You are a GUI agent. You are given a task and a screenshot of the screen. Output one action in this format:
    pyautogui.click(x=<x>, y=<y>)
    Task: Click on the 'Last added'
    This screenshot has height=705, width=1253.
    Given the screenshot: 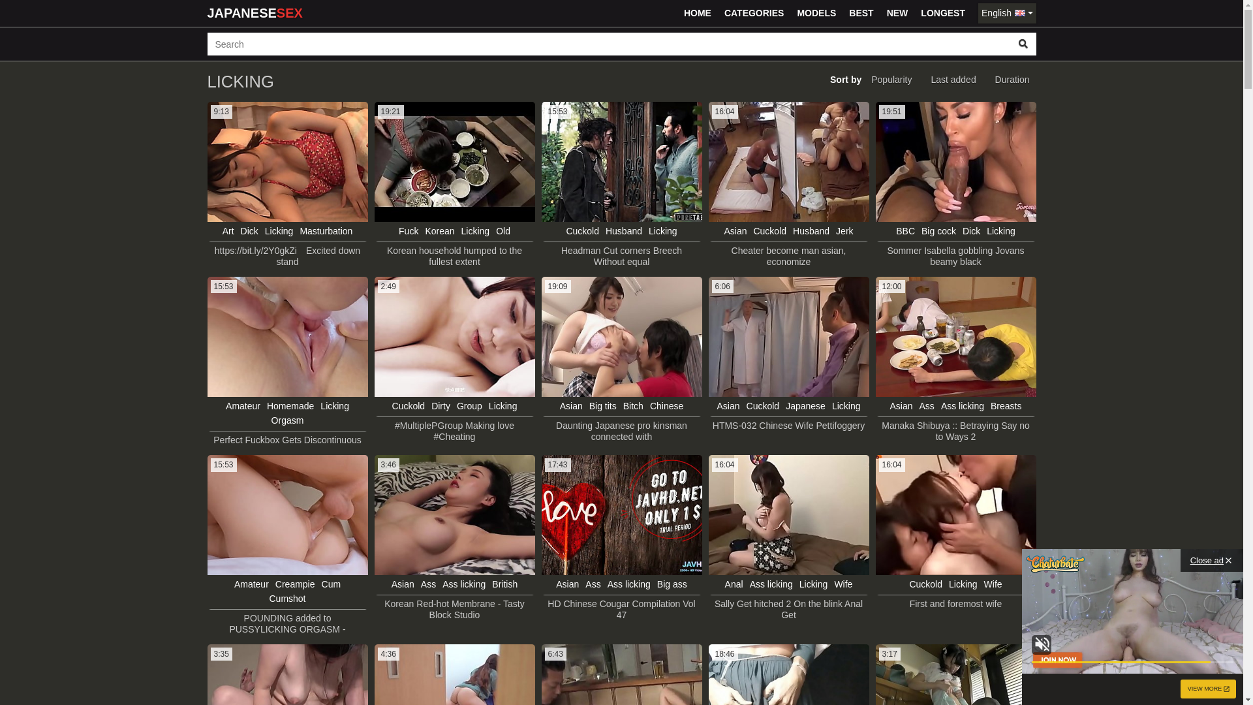 What is the action you would take?
    pyautogui.click(x=953, y=80)
    